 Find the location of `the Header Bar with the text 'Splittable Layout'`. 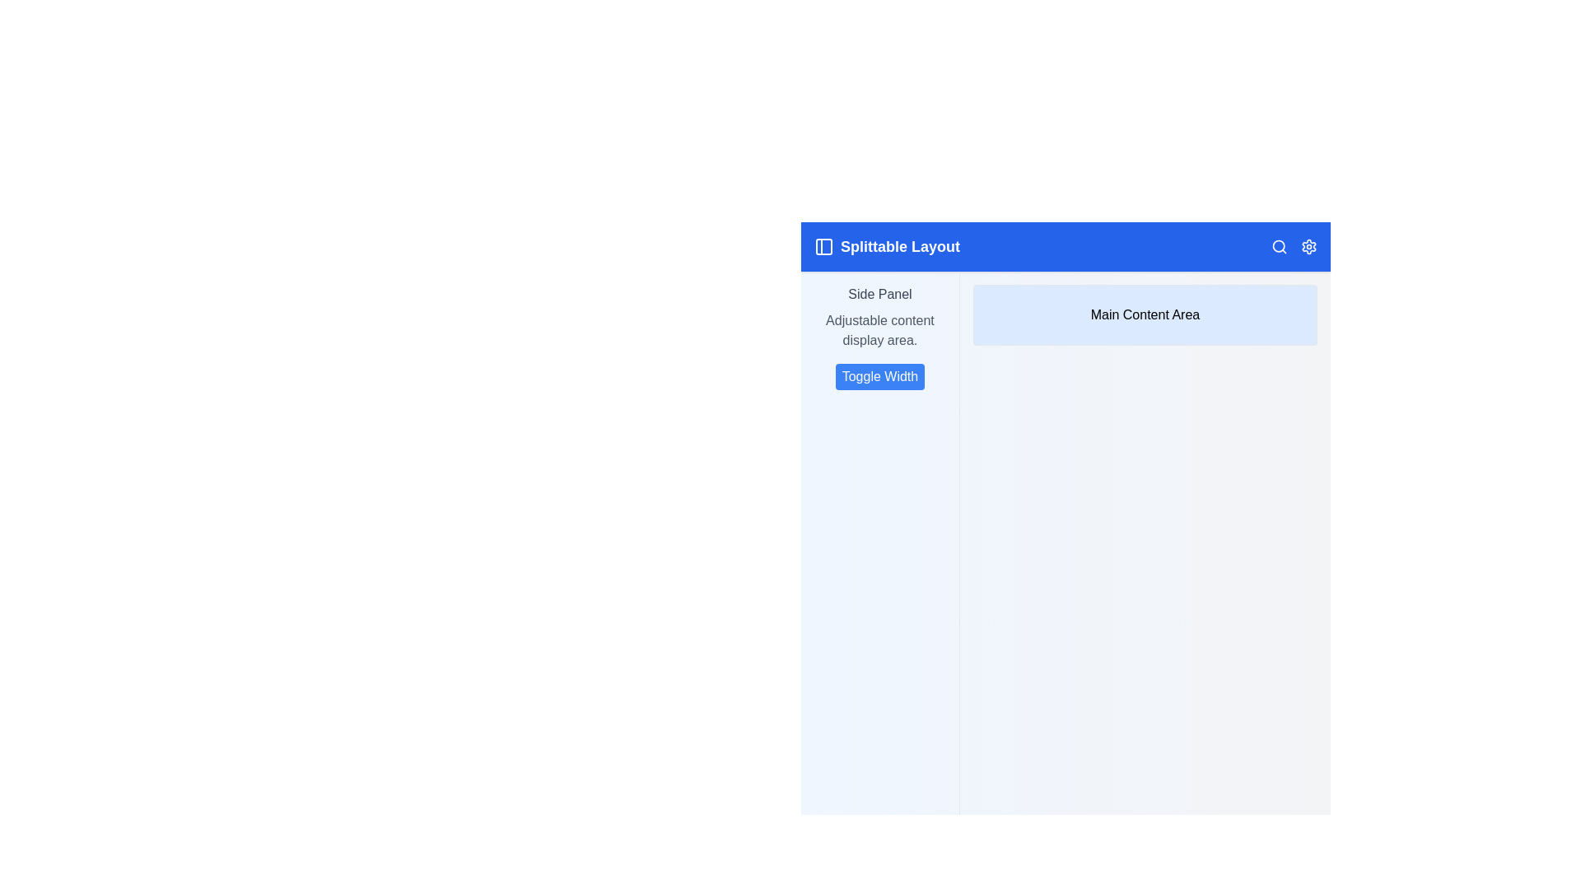

the Header Bar with the text 'Splittable Layout' is located at coordinates (1066, 247).